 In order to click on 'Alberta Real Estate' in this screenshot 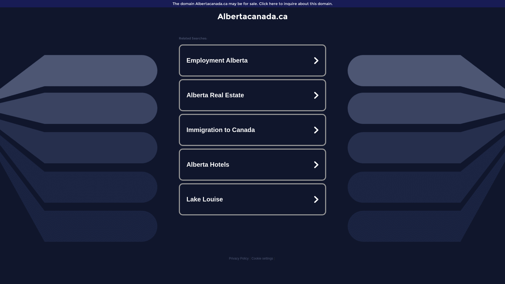, I will do `click(252, 95)`.